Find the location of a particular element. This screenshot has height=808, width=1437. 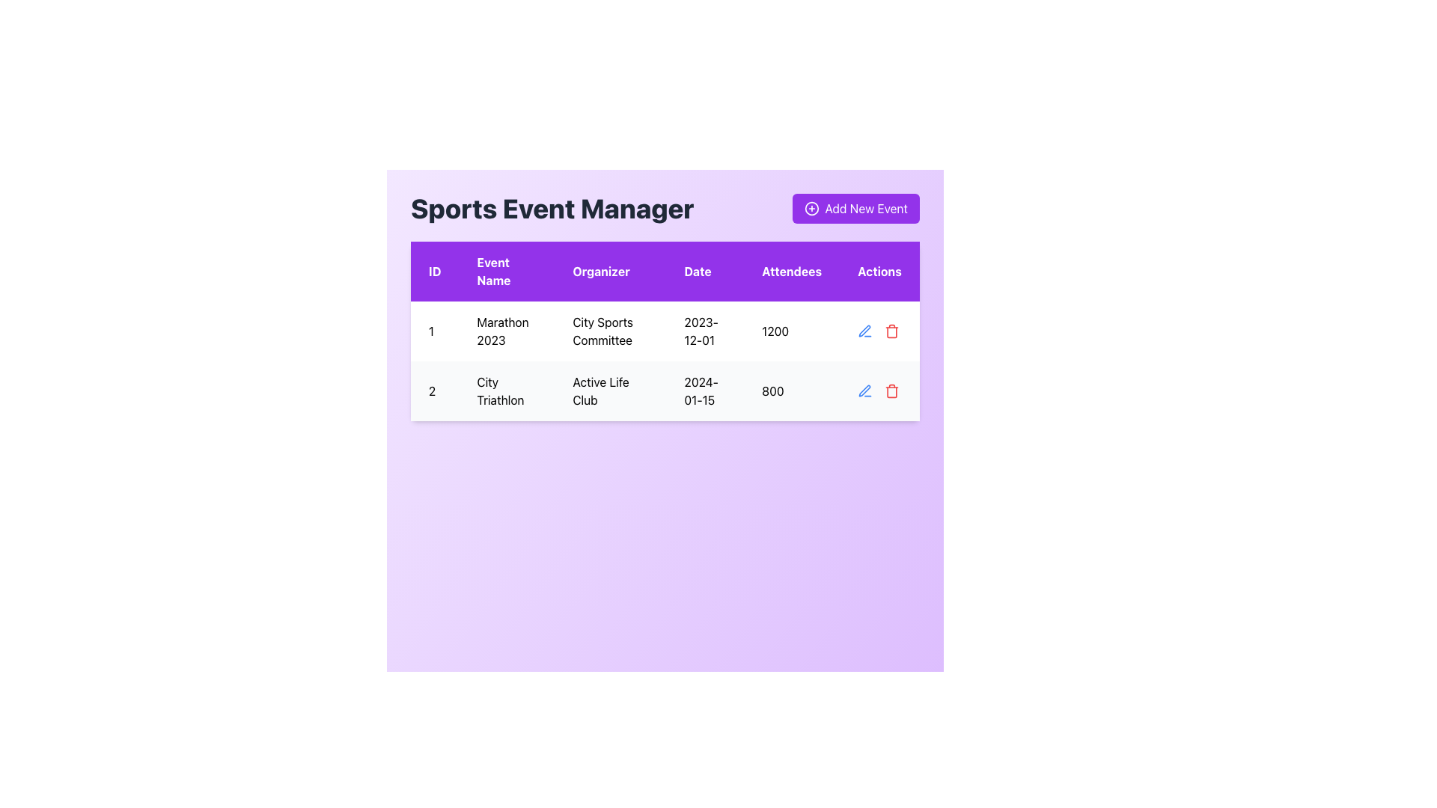

text from the Table Cell displaying 'City Sports Committee' in the third column of the first row under the 'Organizer' header is located at coordinates (611, 331).